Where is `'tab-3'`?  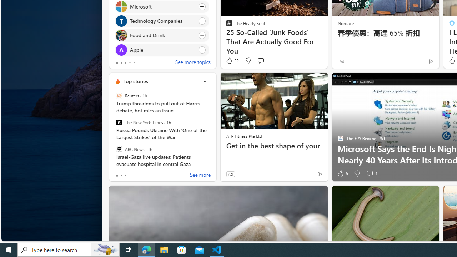
'tab-3' is located at coordinates (130, 62).